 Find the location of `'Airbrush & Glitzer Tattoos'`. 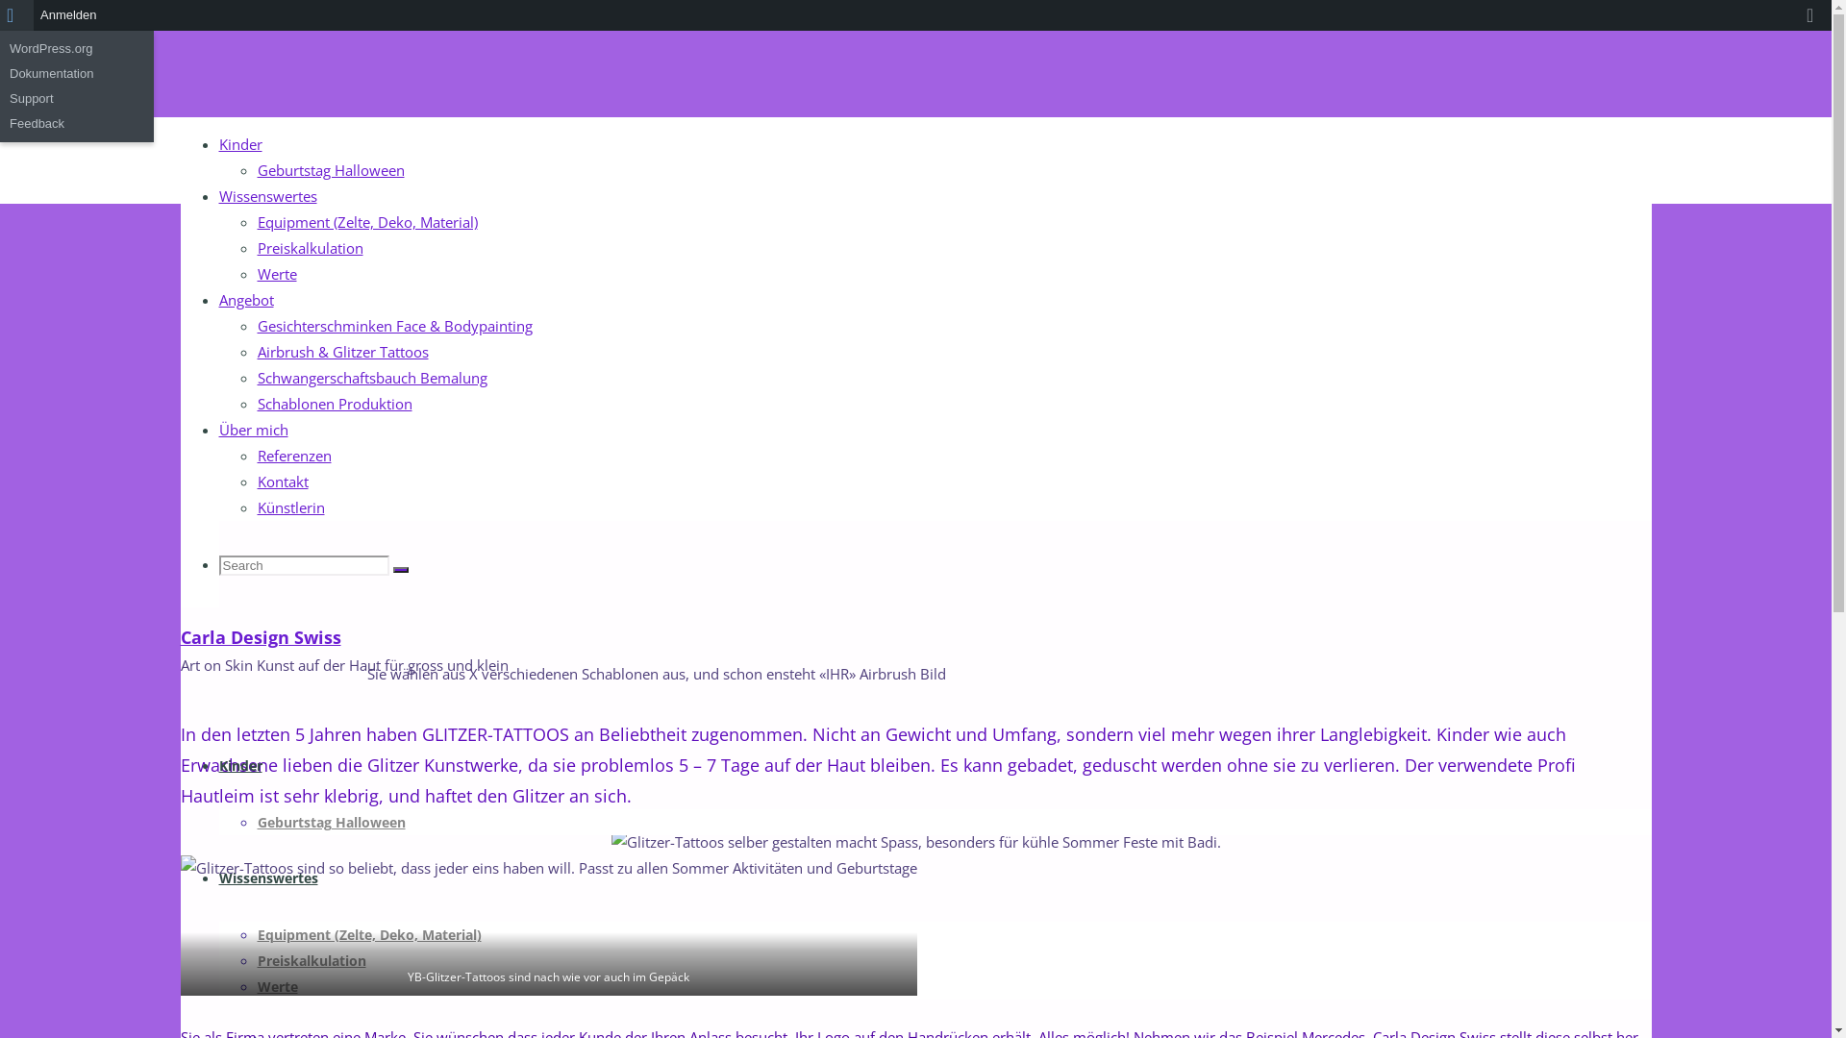

'Airbrush & Glitzer Tattoos' is located at coordinates (342, 352).